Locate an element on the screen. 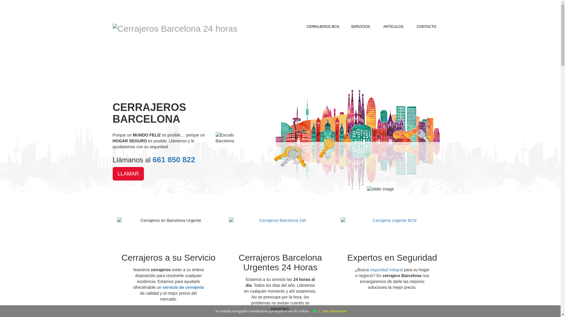 Image resolution: width=565 pixels, height=317 pixels. 'LLAMAR' is located at coordinates (128, 173).